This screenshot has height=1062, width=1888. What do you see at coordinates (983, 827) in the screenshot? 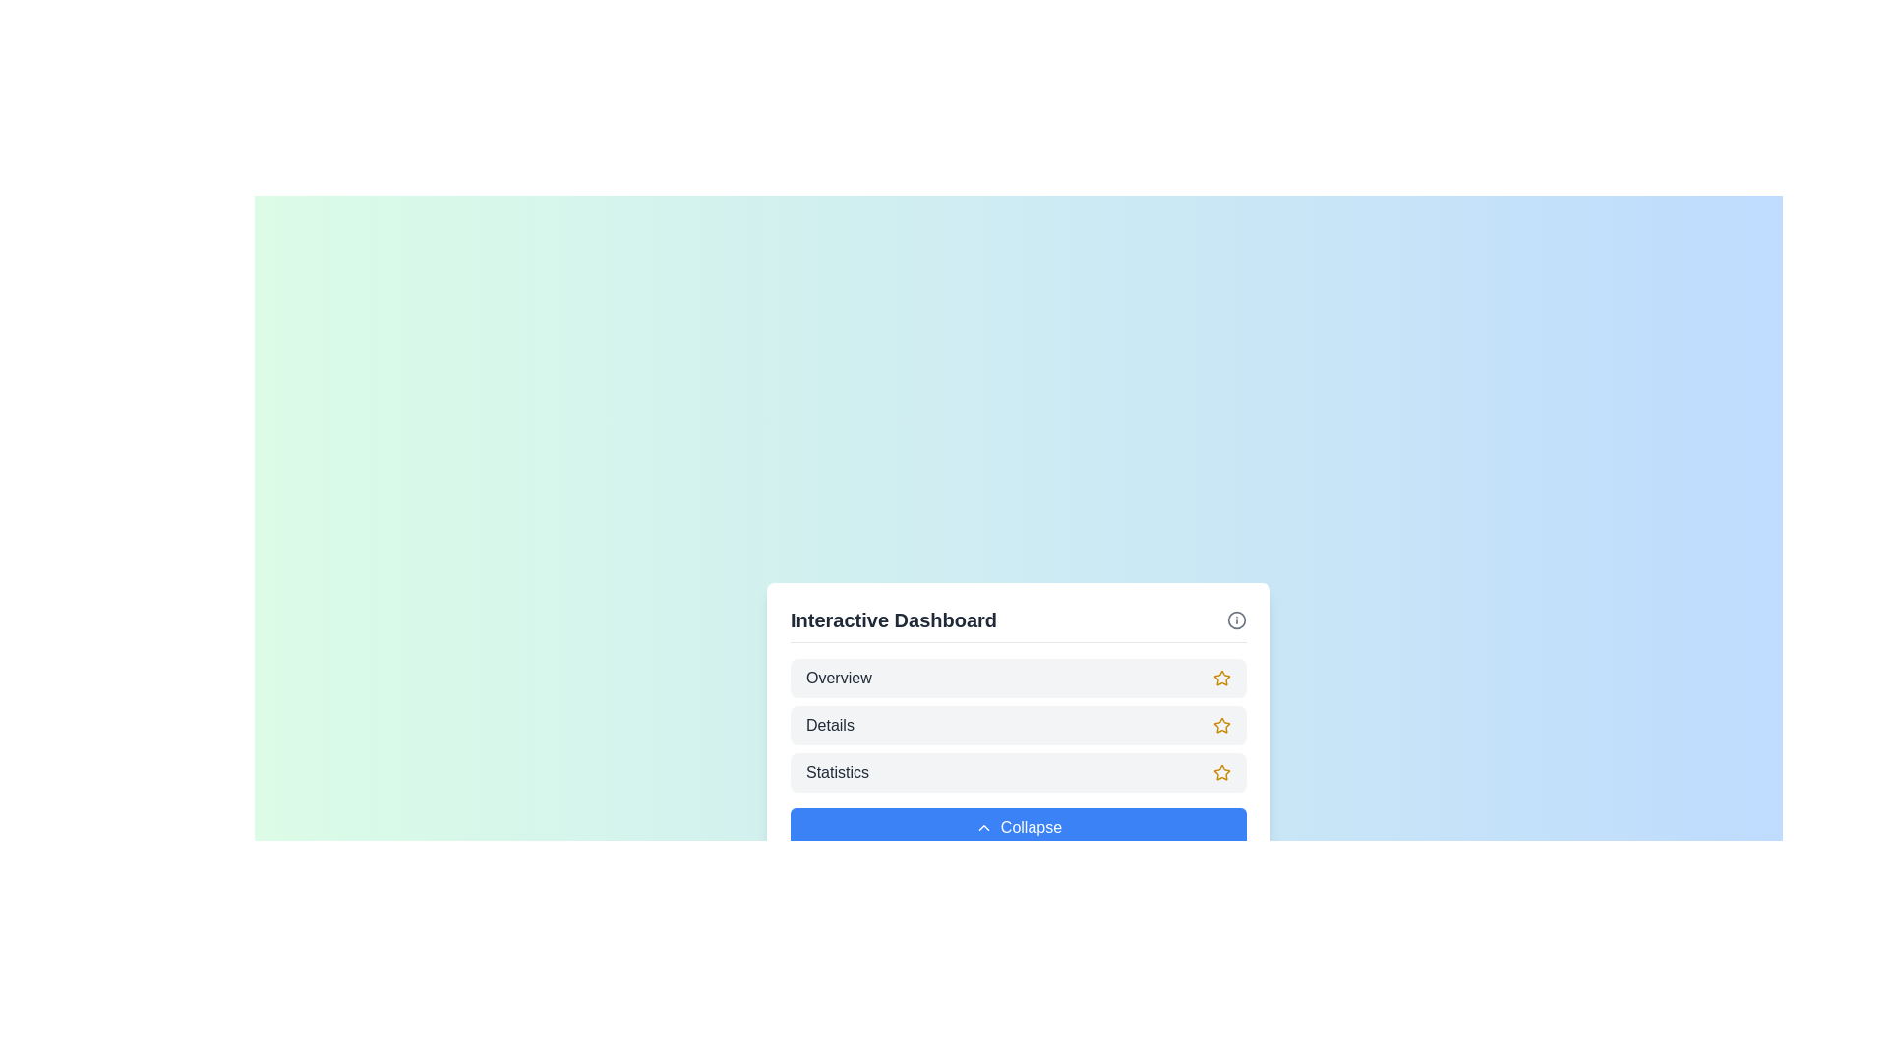
I see `the upward-facing chevron arrow icon located within the blue 'Collapse' button at the bottom of the interactive card` at bounding box center [983, 827].